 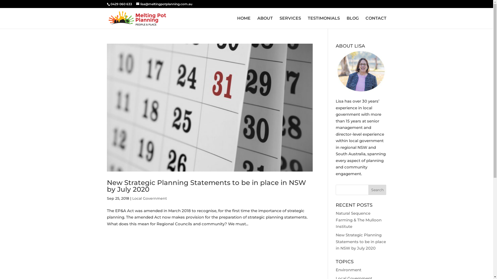 I want to click on 'HOME', so click(x=243, y=22).